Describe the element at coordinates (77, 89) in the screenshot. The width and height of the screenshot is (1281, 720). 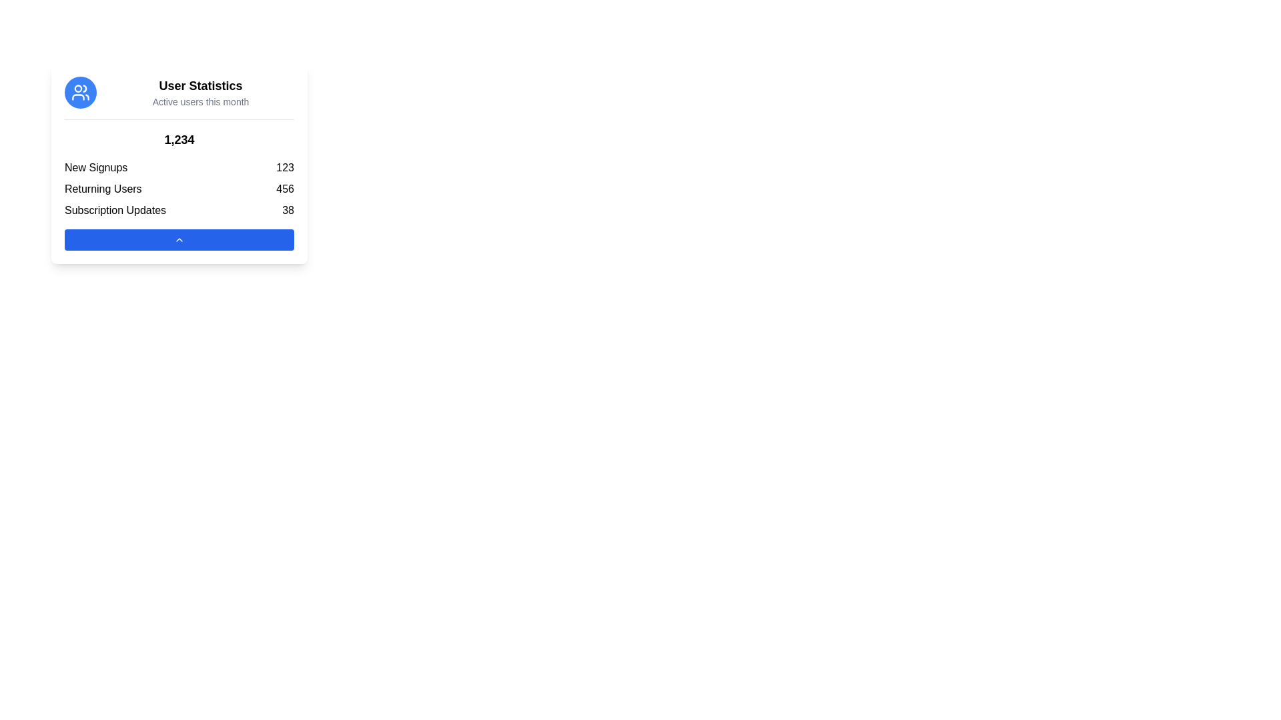
I see `the circular decorative vector graphic that represents a user within the 'Users' icon in the top-left of the 'User Statistics' card` at that location.